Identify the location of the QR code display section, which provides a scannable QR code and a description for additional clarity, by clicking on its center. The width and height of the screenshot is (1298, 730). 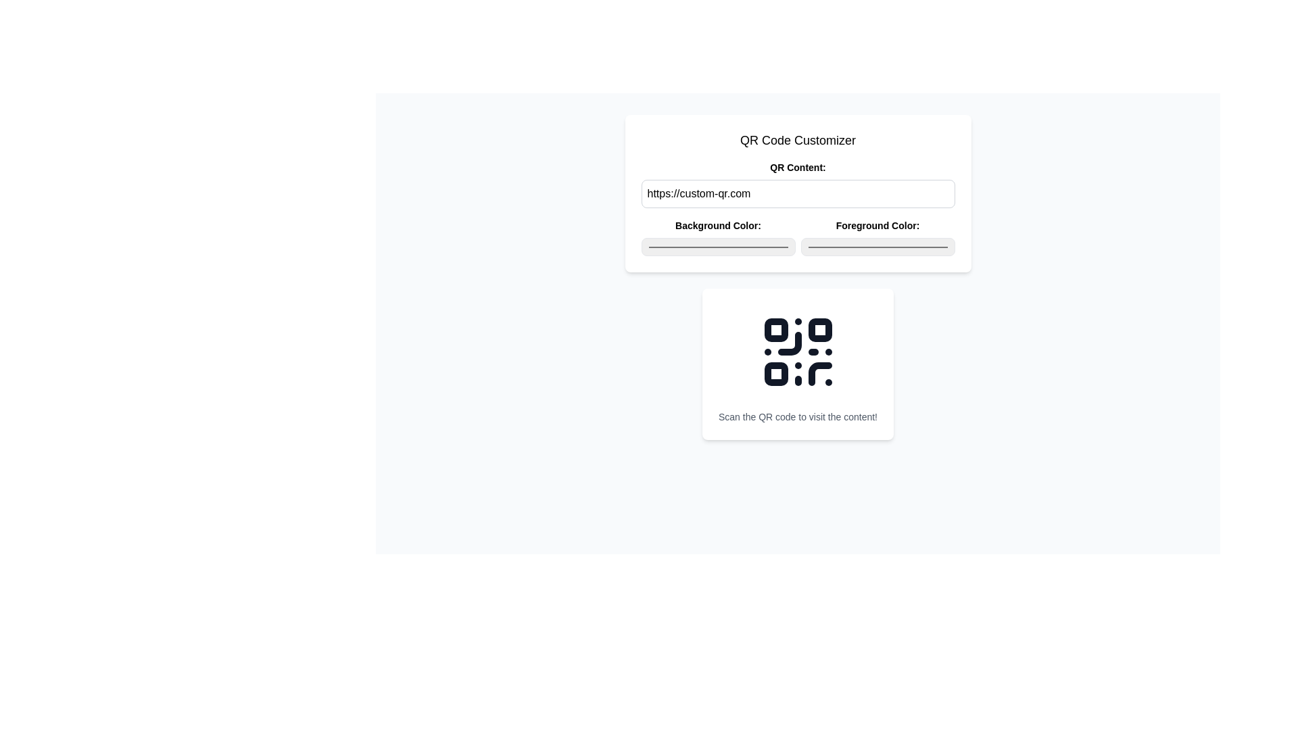
(798, 364).